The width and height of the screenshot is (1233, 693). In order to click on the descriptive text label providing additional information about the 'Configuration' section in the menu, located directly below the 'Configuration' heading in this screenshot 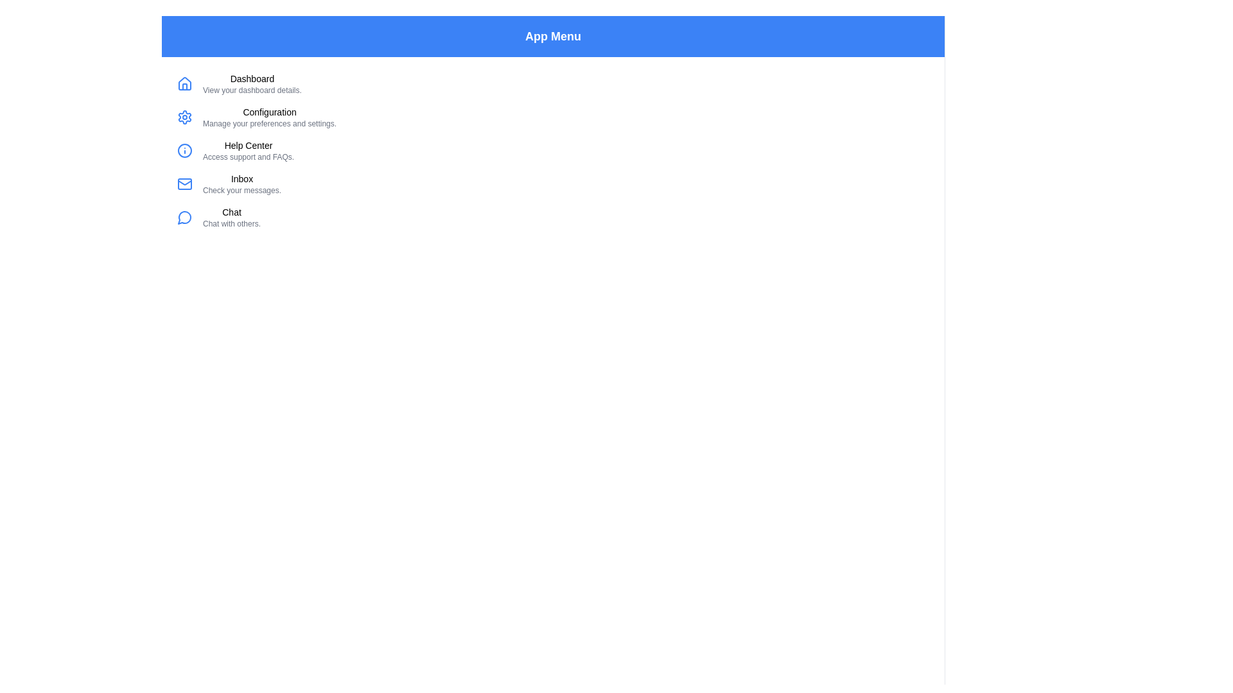, I will do `click(269, 123)`.